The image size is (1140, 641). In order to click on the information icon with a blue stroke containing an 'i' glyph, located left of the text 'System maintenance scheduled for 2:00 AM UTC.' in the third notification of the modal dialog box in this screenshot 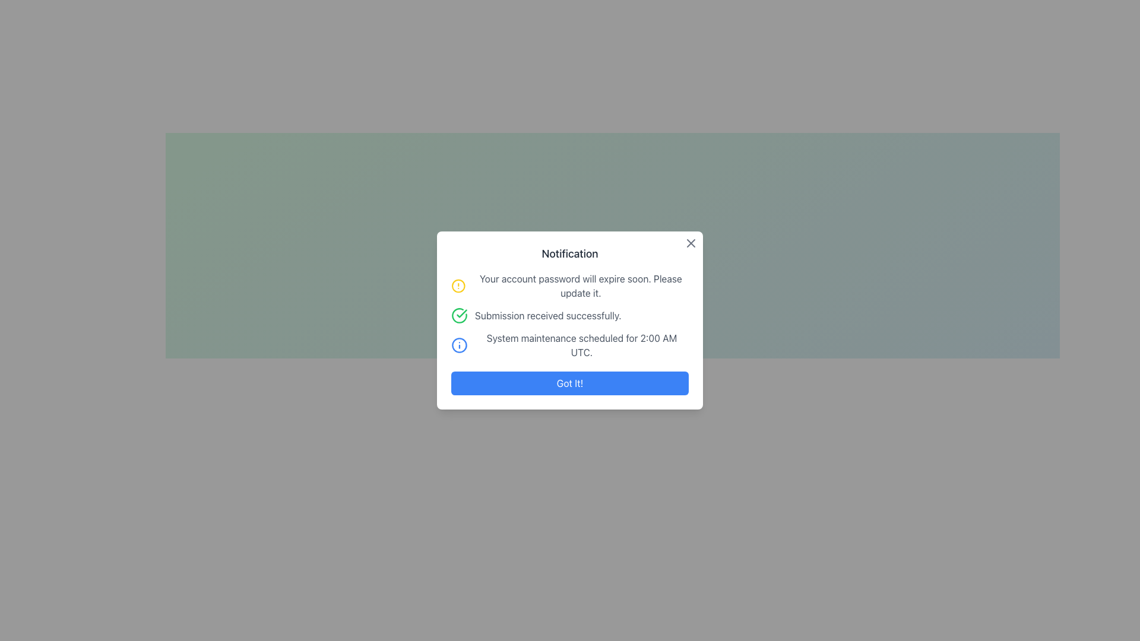, I will do `click(458, 345)`.